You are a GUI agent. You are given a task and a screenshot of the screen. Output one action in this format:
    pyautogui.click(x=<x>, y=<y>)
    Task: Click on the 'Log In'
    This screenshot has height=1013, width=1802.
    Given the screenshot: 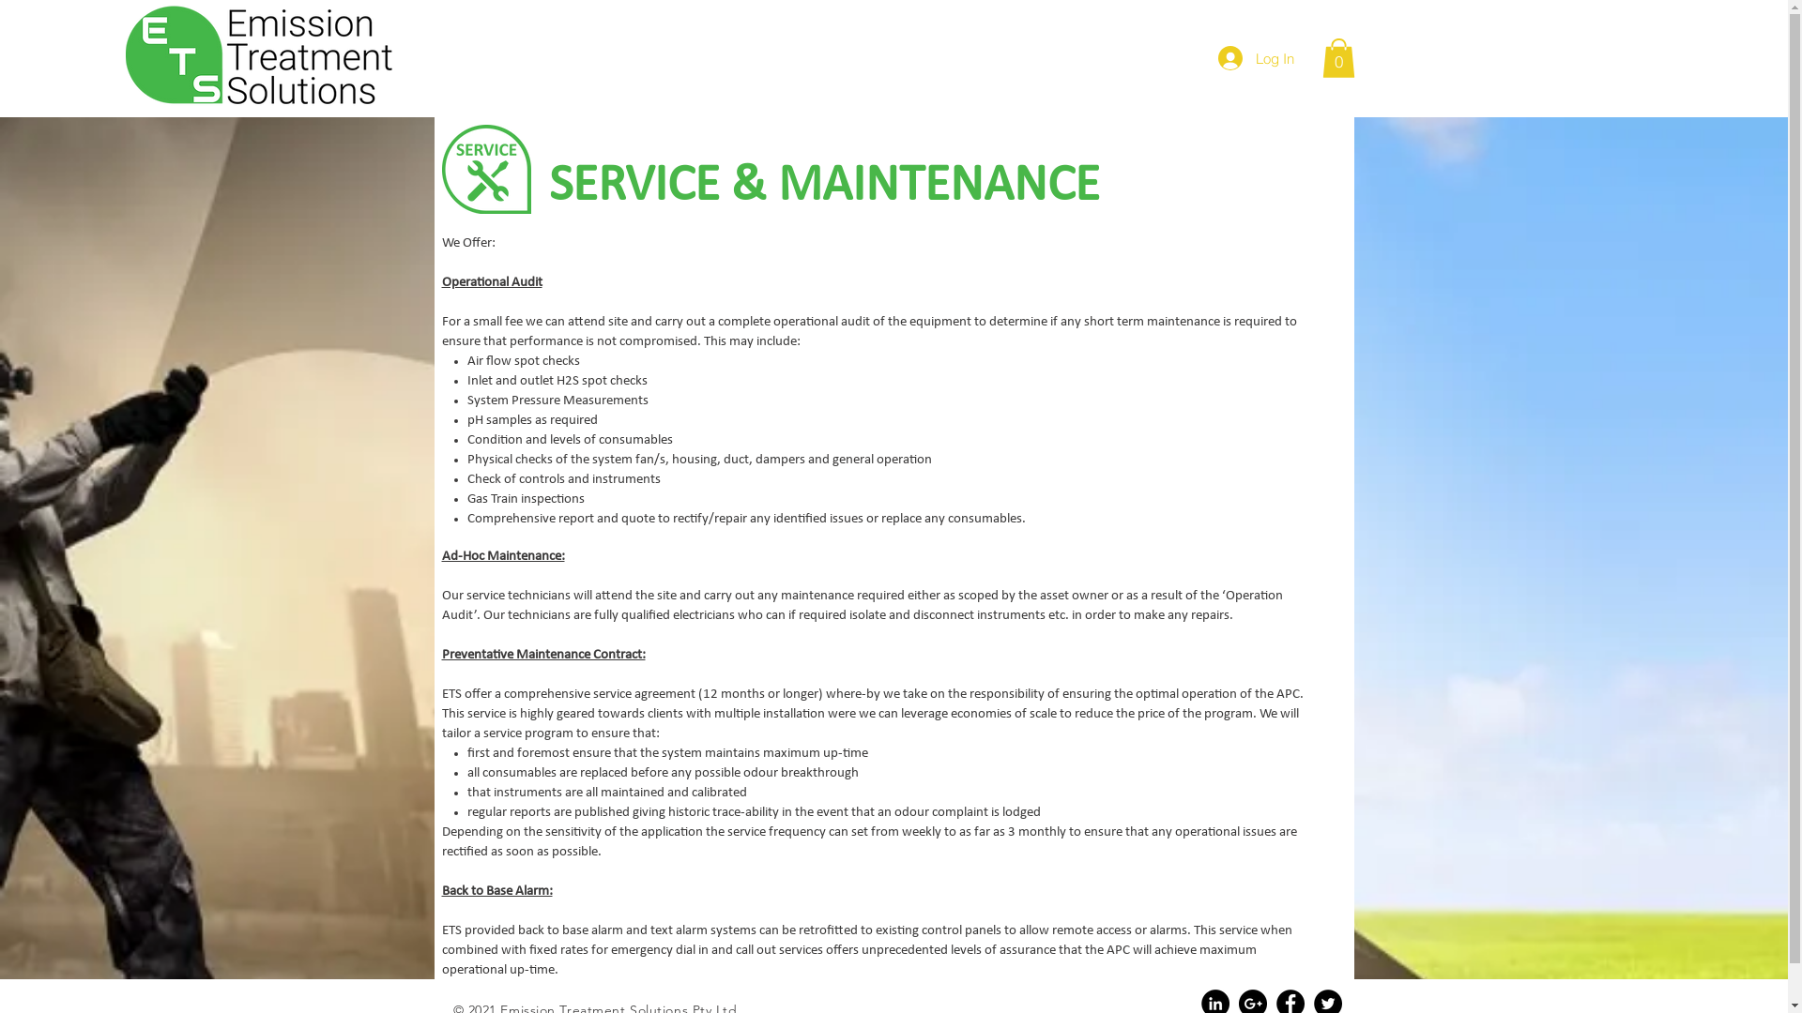 What is the action you would take?
    pyautogui.click(x=1256, y=56)
    